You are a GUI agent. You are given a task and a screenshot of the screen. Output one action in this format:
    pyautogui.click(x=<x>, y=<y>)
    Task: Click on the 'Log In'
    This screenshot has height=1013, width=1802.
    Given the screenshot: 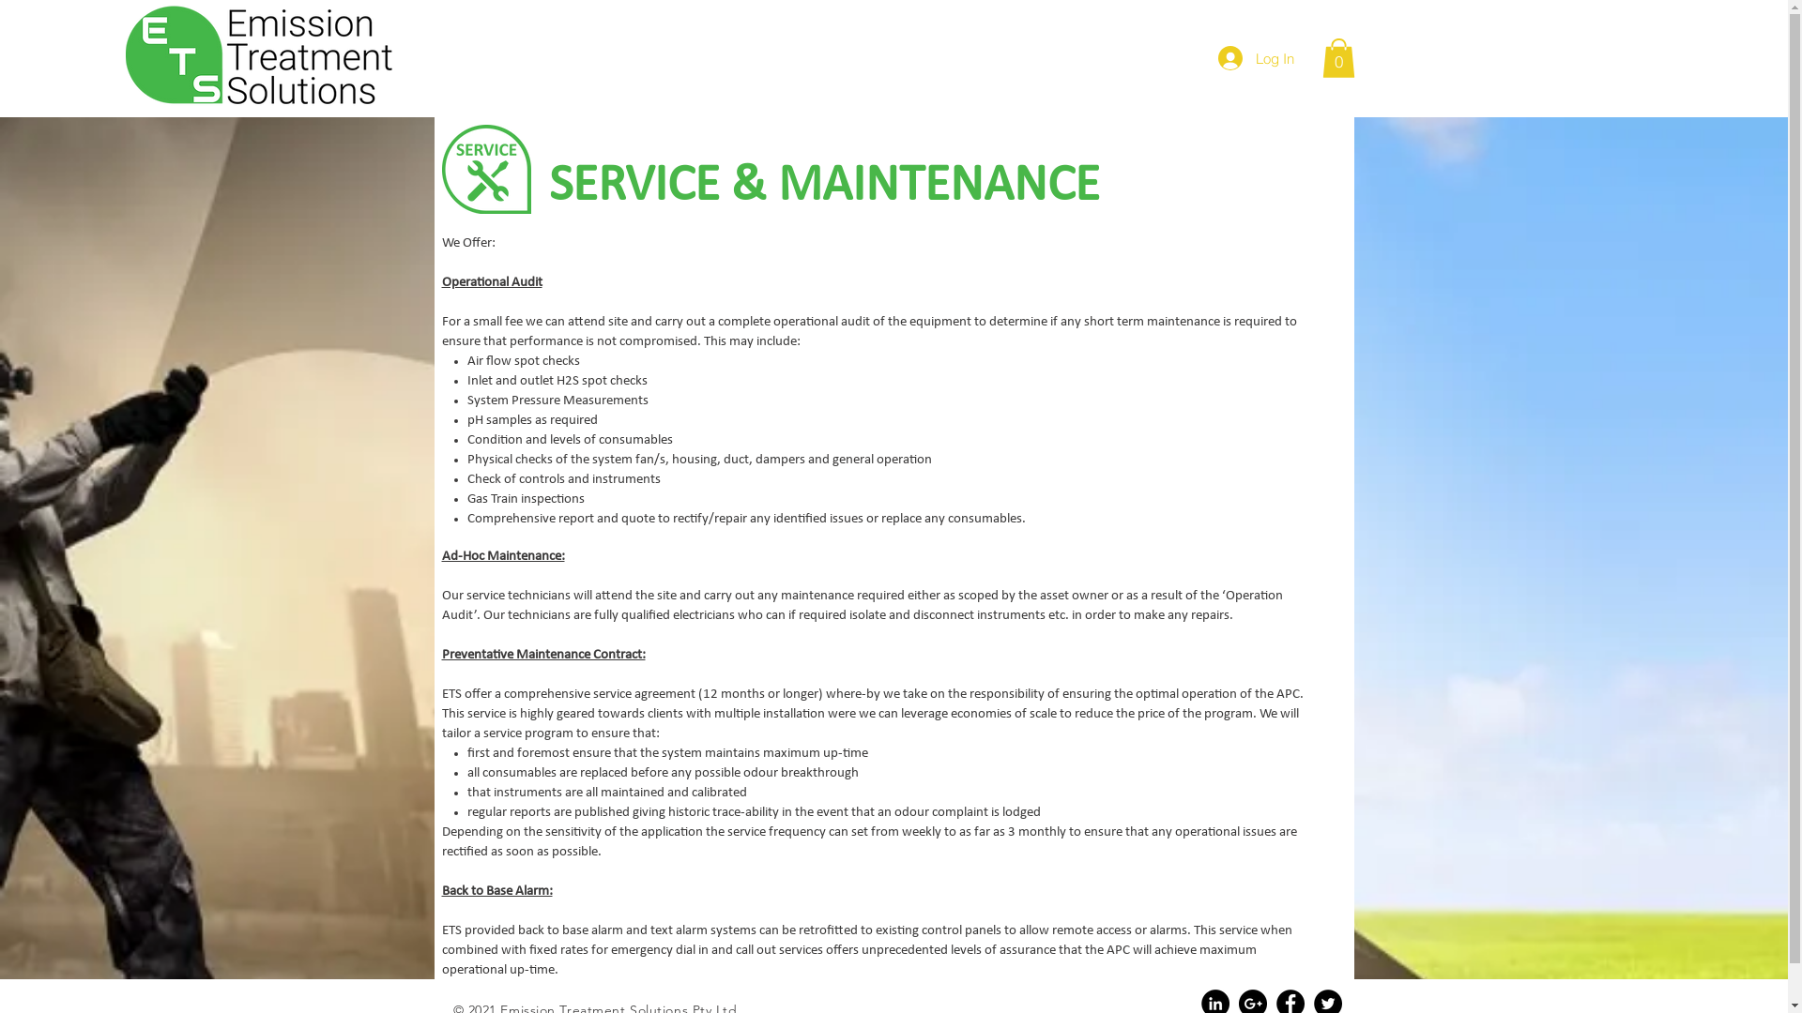 What is the action you would take?
    pyautogui.click(x=1256, y=56)
    